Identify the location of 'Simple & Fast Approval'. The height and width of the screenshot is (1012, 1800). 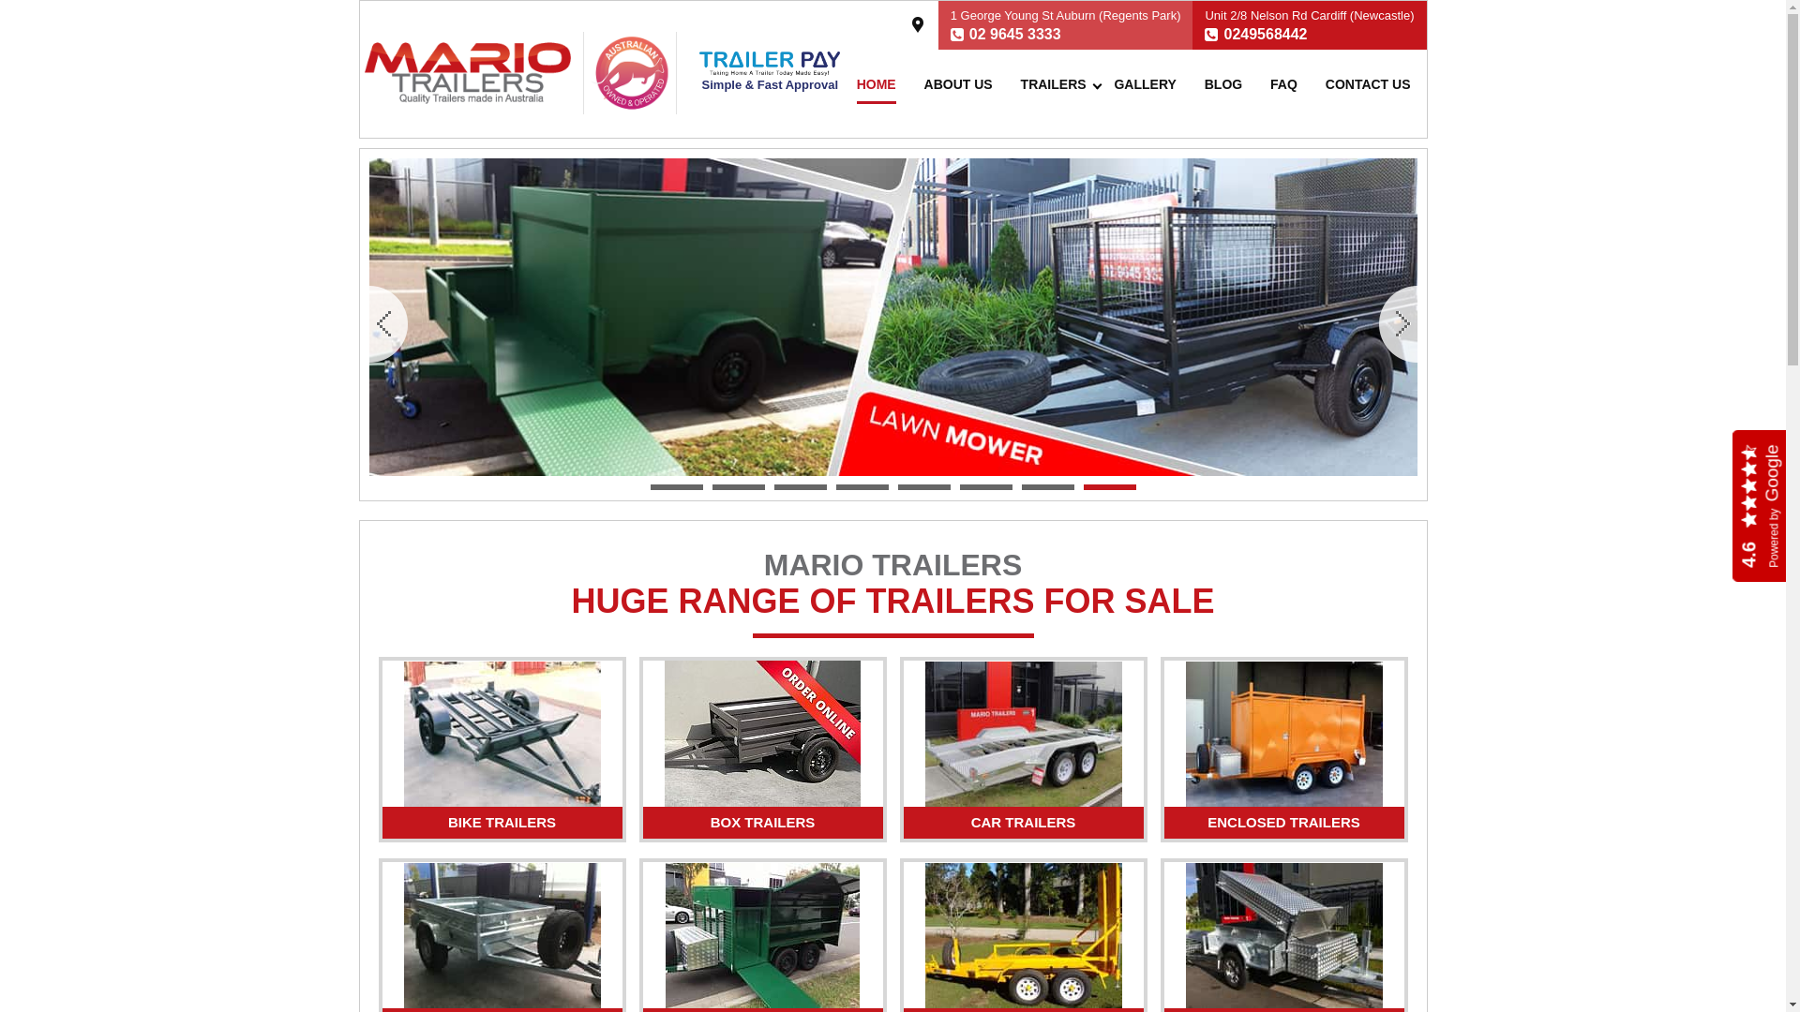
(769, 74).